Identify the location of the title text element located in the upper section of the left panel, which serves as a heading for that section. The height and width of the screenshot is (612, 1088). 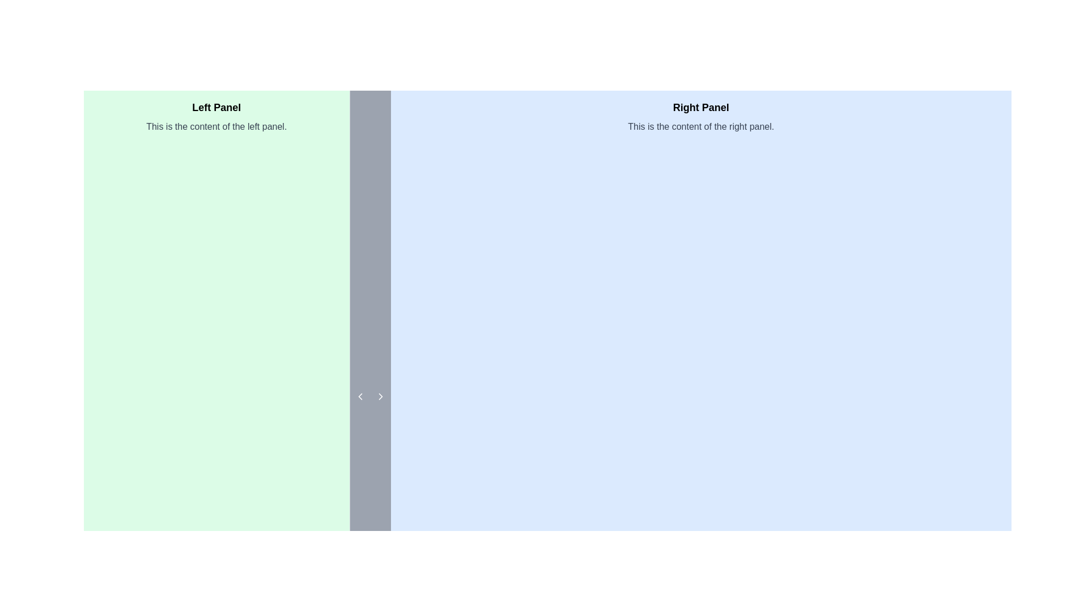
(216, 107).